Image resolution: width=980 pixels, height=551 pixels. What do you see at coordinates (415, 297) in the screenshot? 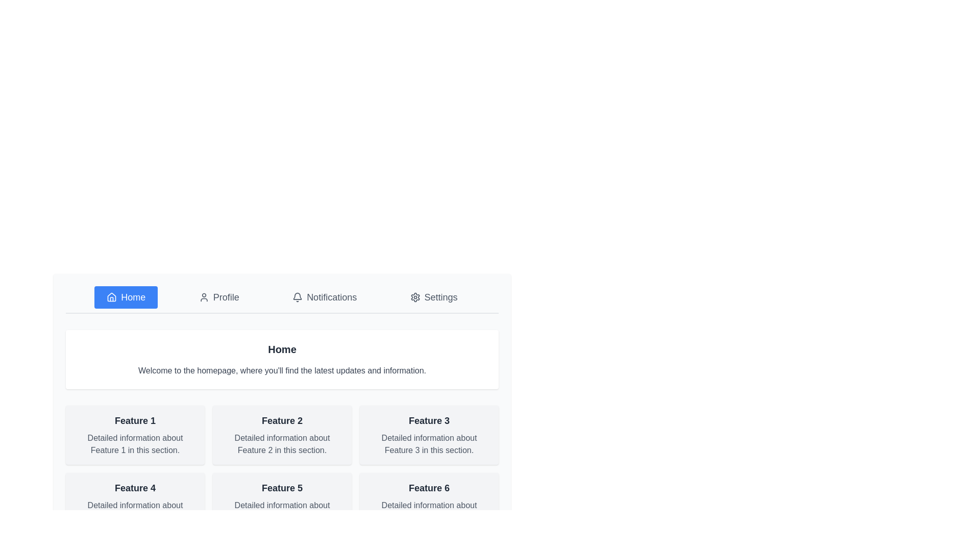
I see `the 'Settings' button which contains a gear icon, located on the far right side of the navigation menu` at bounding box center [415, 297].